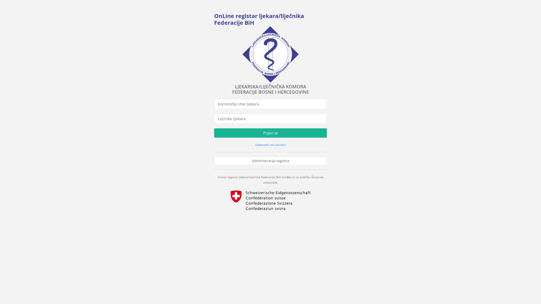 This screenshot has height=304, width=541. What do you see at coordinates (270, 161) in the screenshot?
I see `'Administracija registra'` at bounding box center [270, 161].